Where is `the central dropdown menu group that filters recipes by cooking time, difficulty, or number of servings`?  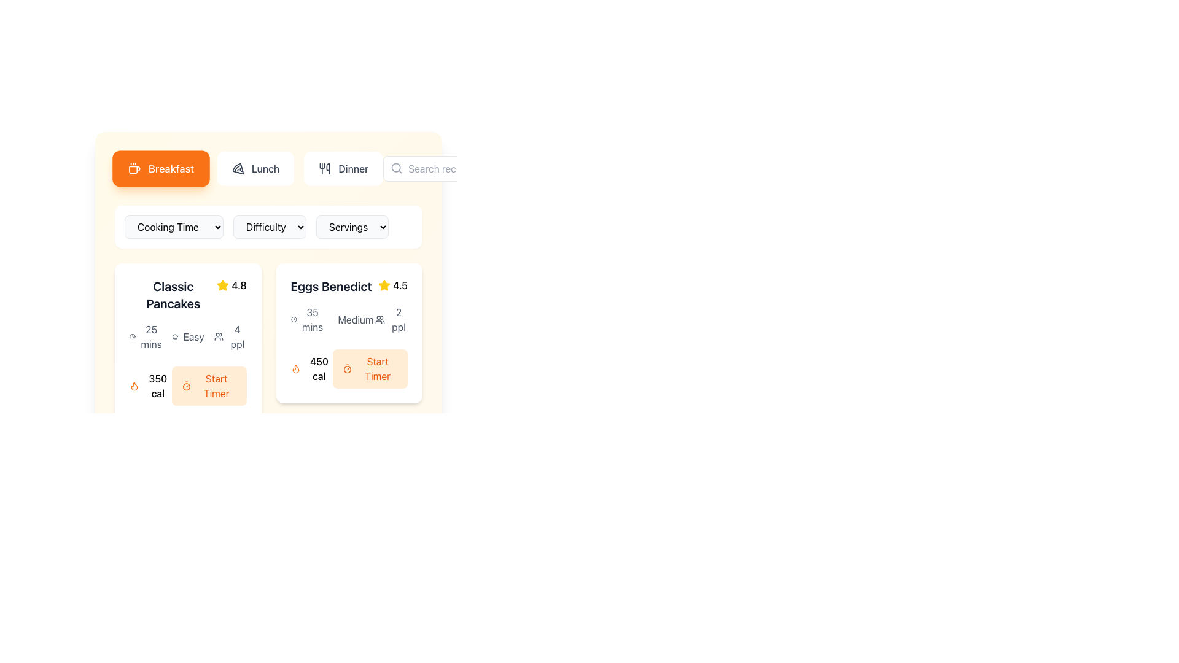
the central dropdown menu group that filters recipes by cooking time, difficulty, or number of servings is located at coordinates (268, 227).